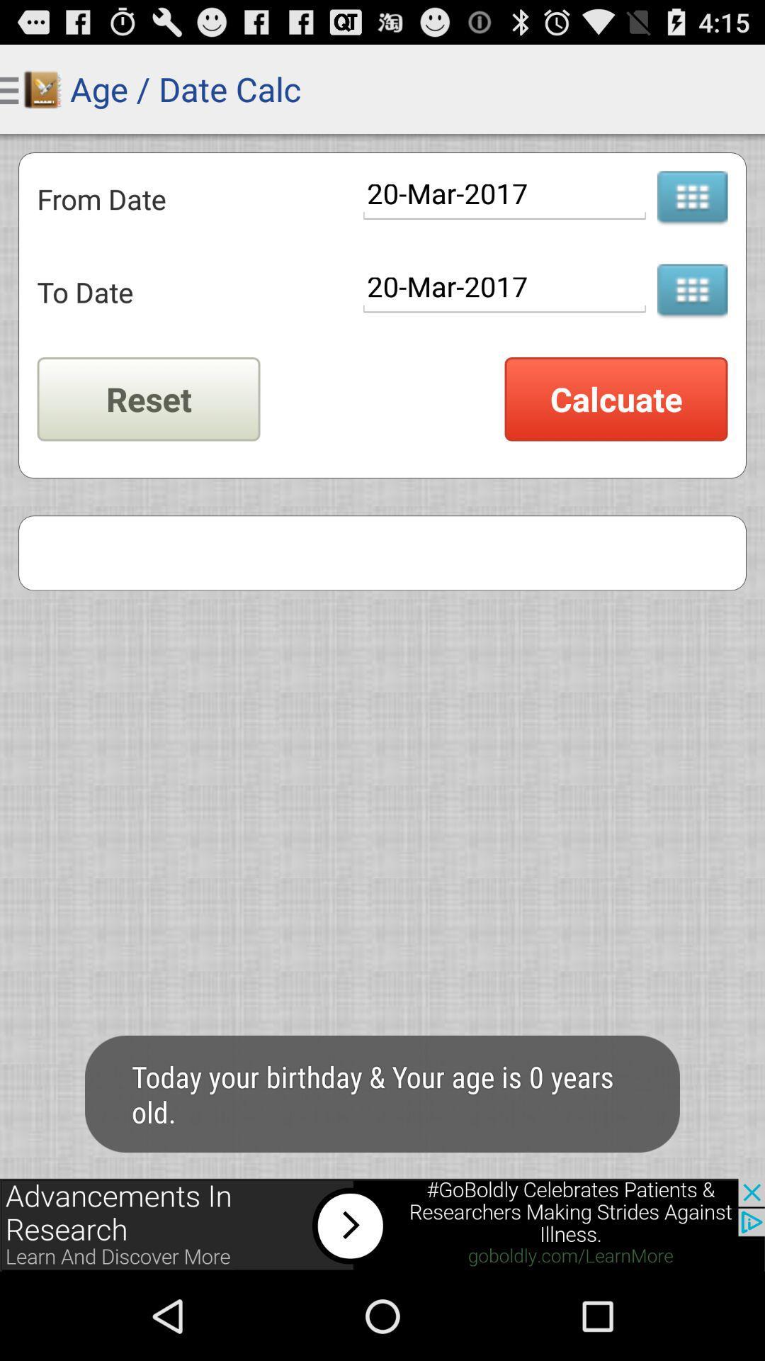  What do you see at coordinates (691, 291) in the screenshot?
I see `calendar button` at bounding box center [691, 291].